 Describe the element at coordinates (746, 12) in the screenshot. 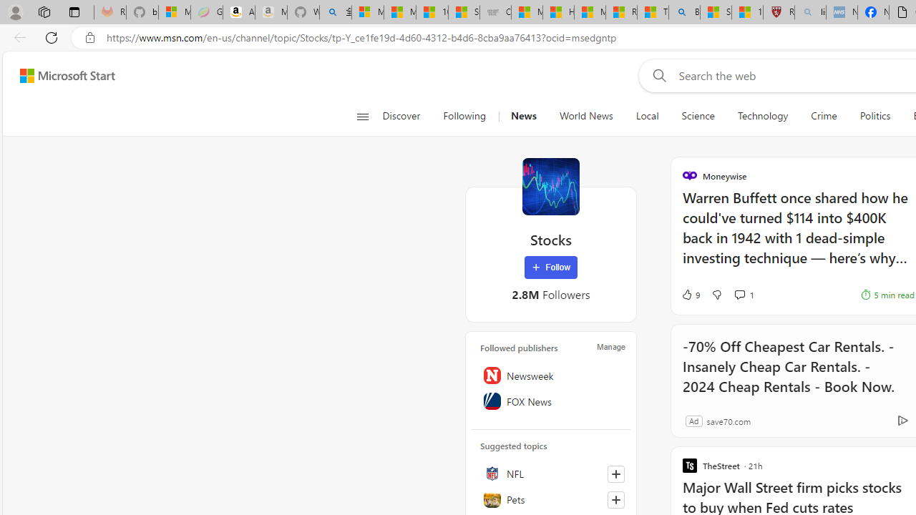

I see `'12 Popular Science Lies that Must be Corrected'` at that location.